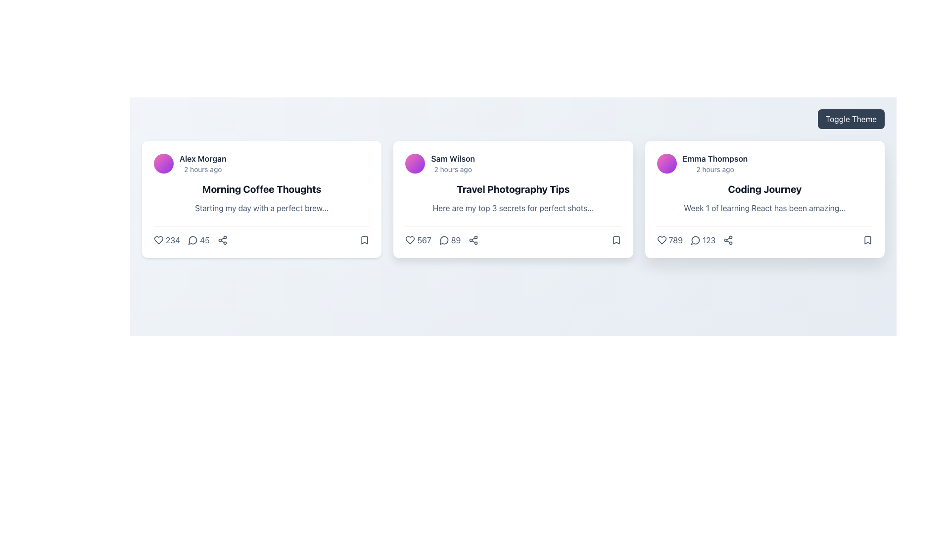 The image size is (950, 534). I want to click on the text label displaying the number '123' alongside a speech bubble icon, so click(694, 240).